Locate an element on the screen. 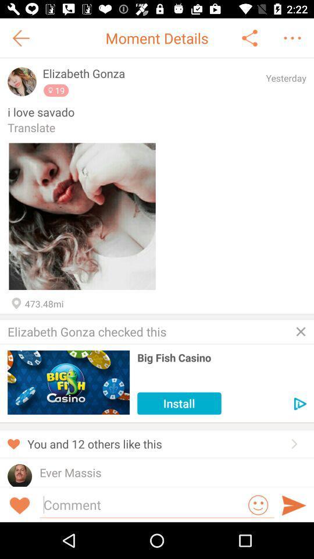  favorite is located at coordinates (81, 215).